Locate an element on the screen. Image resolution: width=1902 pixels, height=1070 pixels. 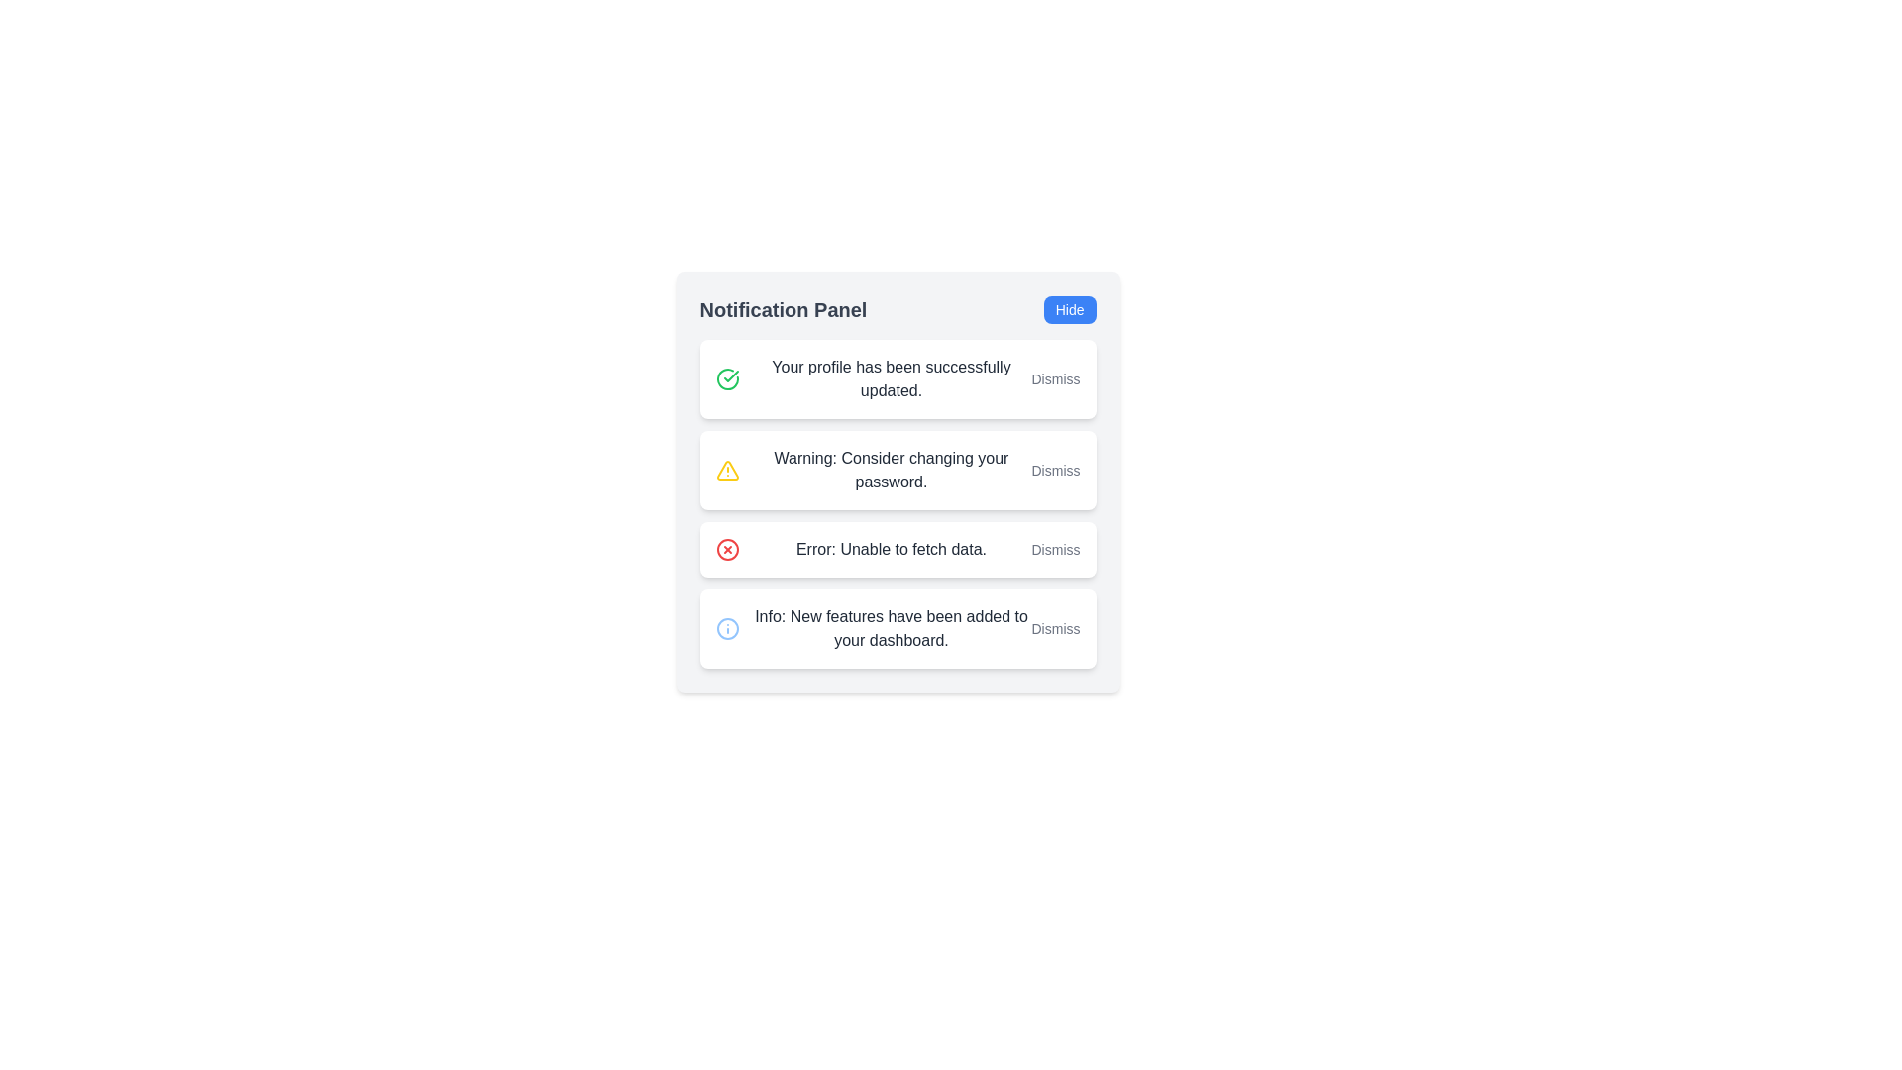
the error notification icon indicating 'Error: Unable to fetch data.' in the Notification Panel, positioned to the far left of the notification text is located at coordinates (726, 550).